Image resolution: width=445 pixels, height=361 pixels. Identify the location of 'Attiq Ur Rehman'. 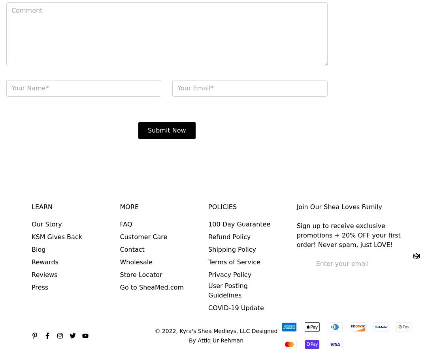
(221, 340).